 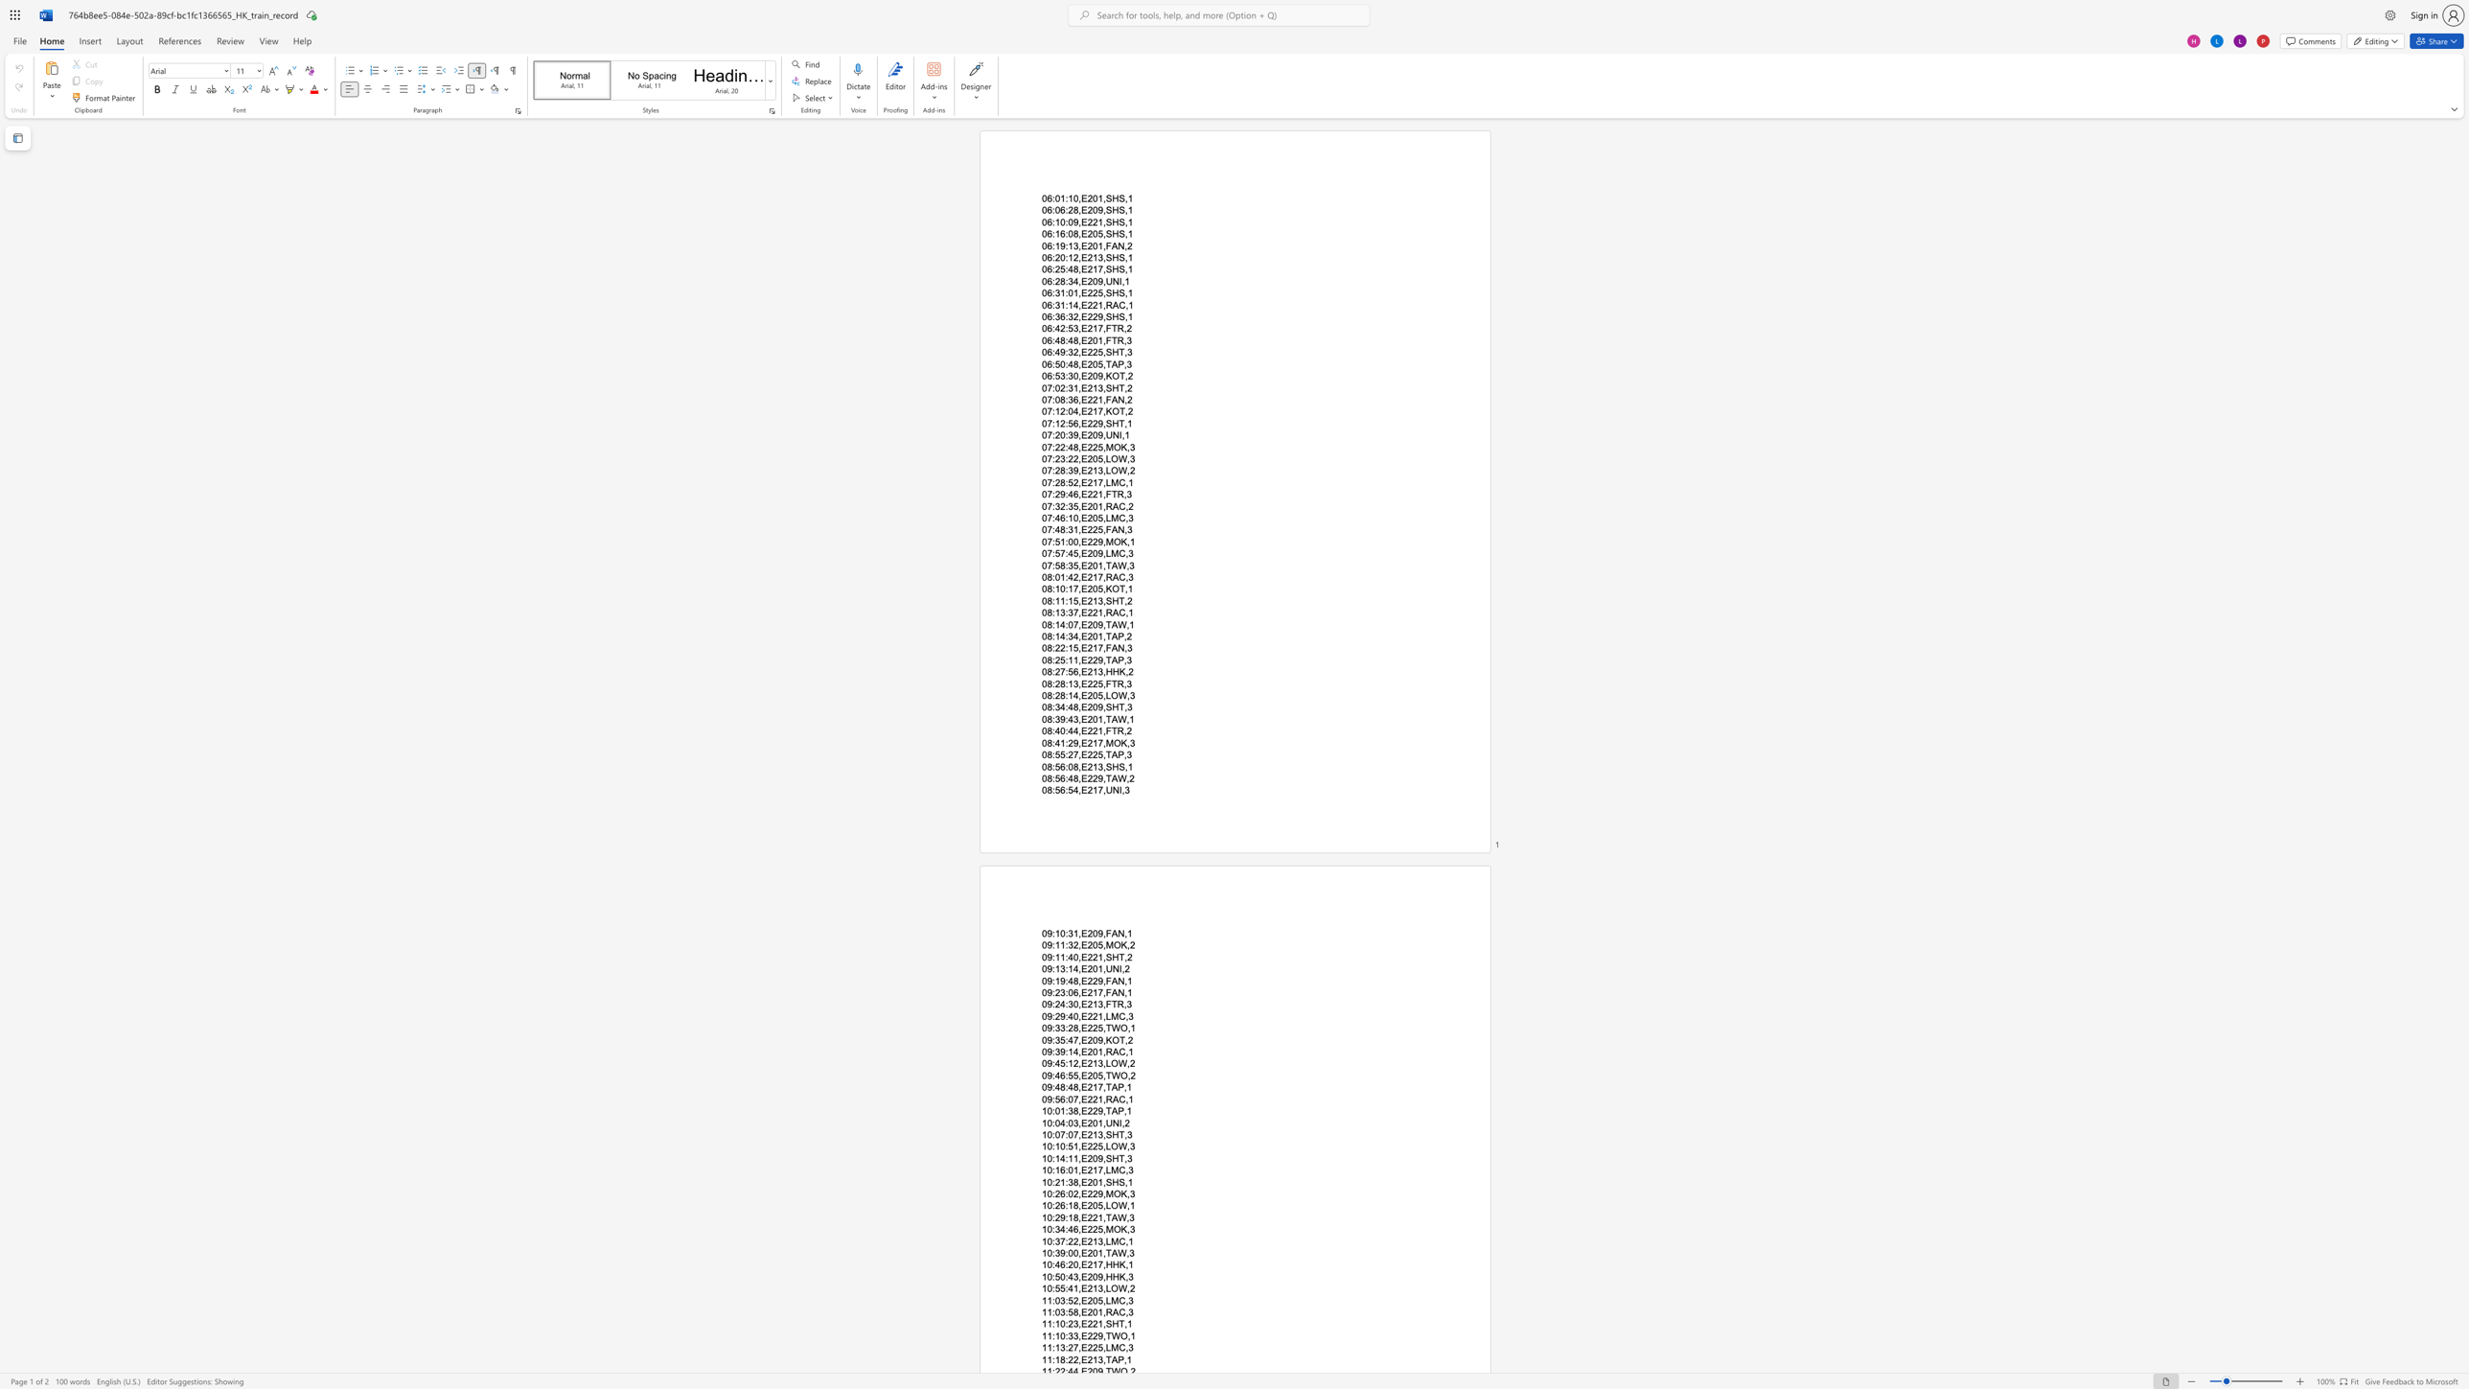 I want to click on the subset text ":33,E229," within the text "11:10:33,E229,TWO,1", so click(x=1065, y=1335).